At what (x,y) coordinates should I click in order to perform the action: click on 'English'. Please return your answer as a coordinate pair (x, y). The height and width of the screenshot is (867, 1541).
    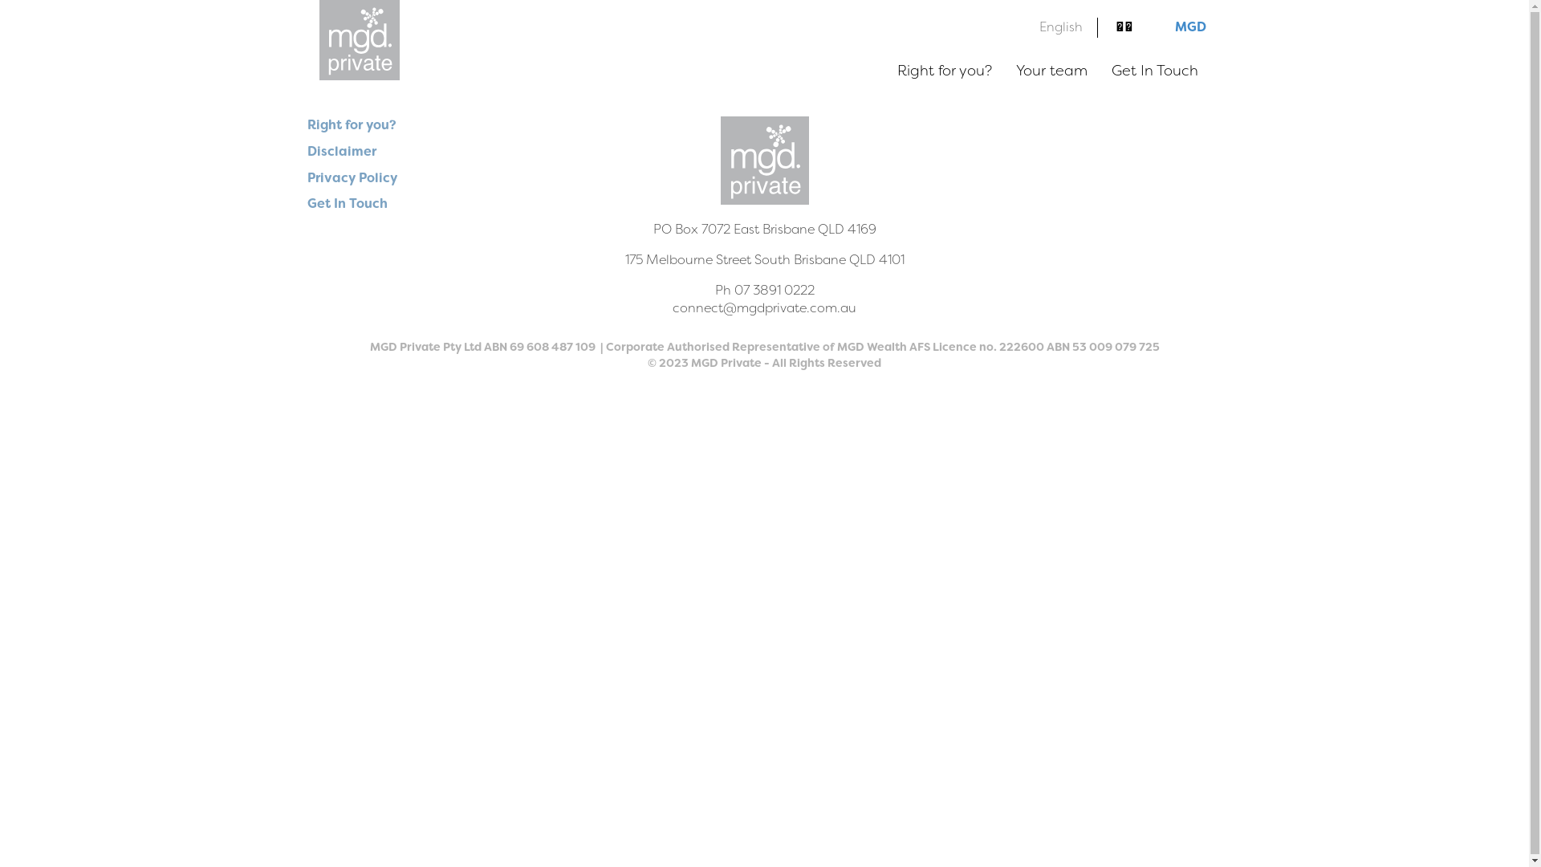
    Looking at the image, I should click on (1060, 27).